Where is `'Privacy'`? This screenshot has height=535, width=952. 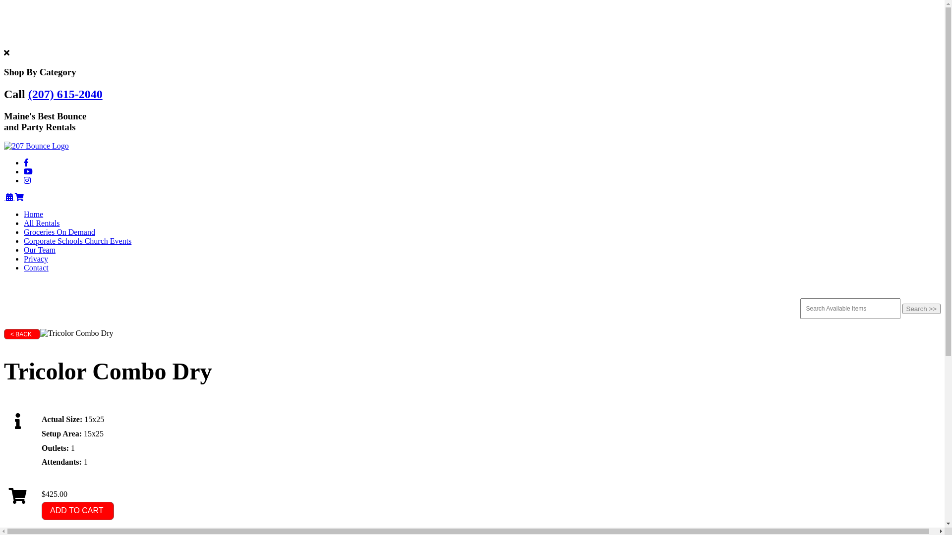 'Privacy' is located at coordinates (36, 258).